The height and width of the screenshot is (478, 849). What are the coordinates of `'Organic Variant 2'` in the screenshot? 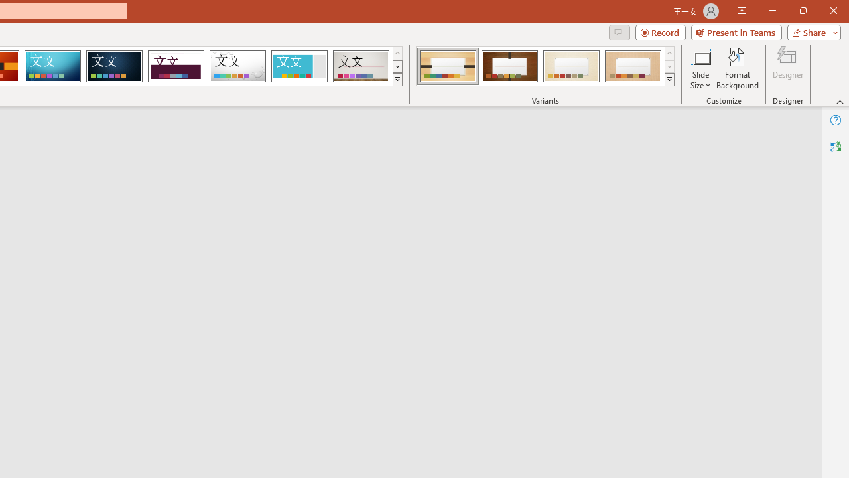 It's located at (509, 66).